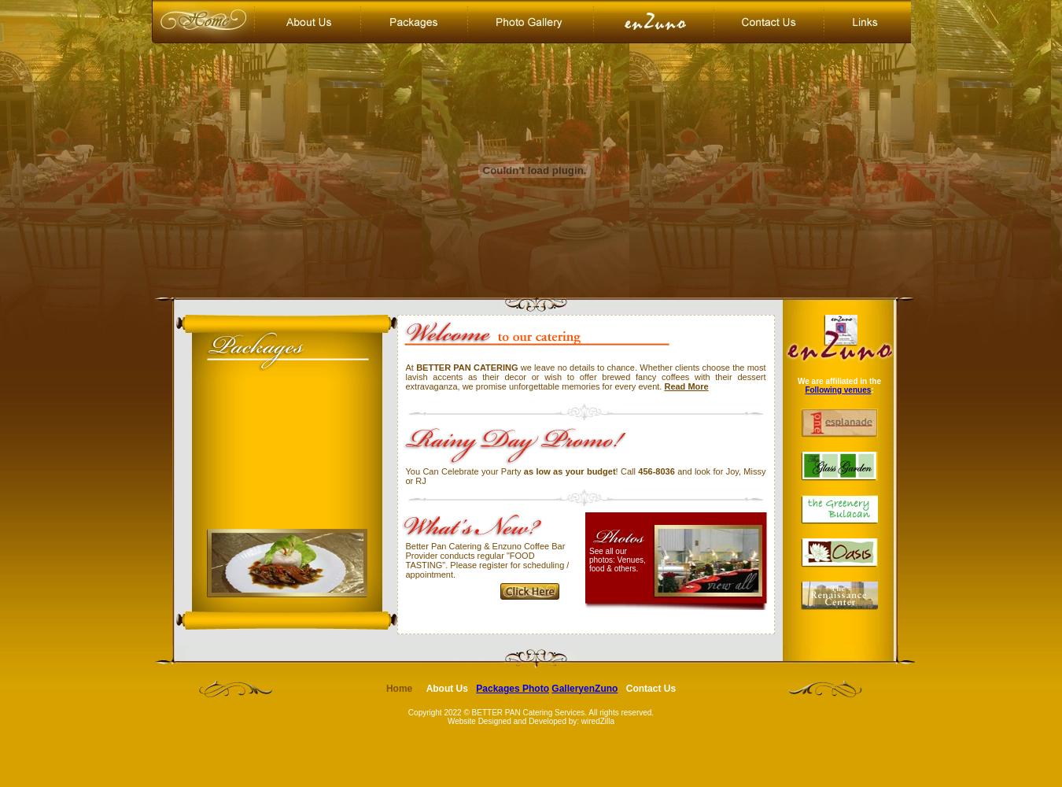 This screenshot has width=1062, height=787. What do you see at coordinates (284, 682) in the screenshot?
I see `'Cinnamon Infused Lemon Marinade Pork Belly, with Lettuce, steam Rice and Sweet Soy Reduction'` at bounding box center [284, 682].